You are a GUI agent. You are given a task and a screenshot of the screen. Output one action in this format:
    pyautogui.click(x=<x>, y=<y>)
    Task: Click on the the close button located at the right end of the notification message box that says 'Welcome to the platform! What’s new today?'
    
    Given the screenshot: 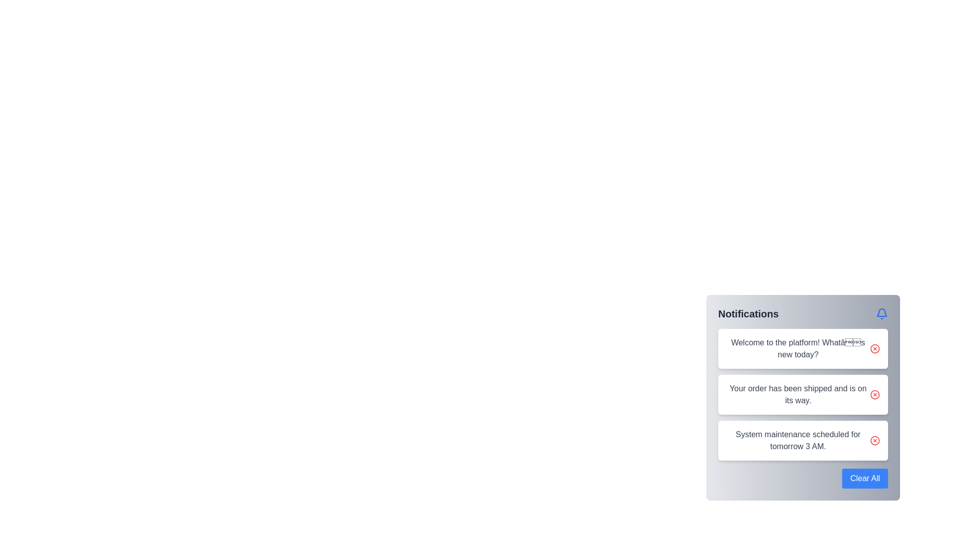 What is the action you would take?
    pyautogui.click(x=875, y=348)
    